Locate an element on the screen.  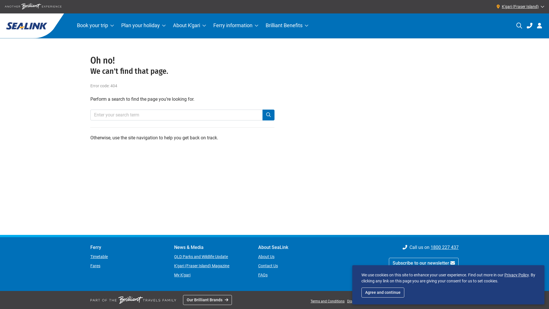
'SeaLink' is located at coordinates (31, 26).